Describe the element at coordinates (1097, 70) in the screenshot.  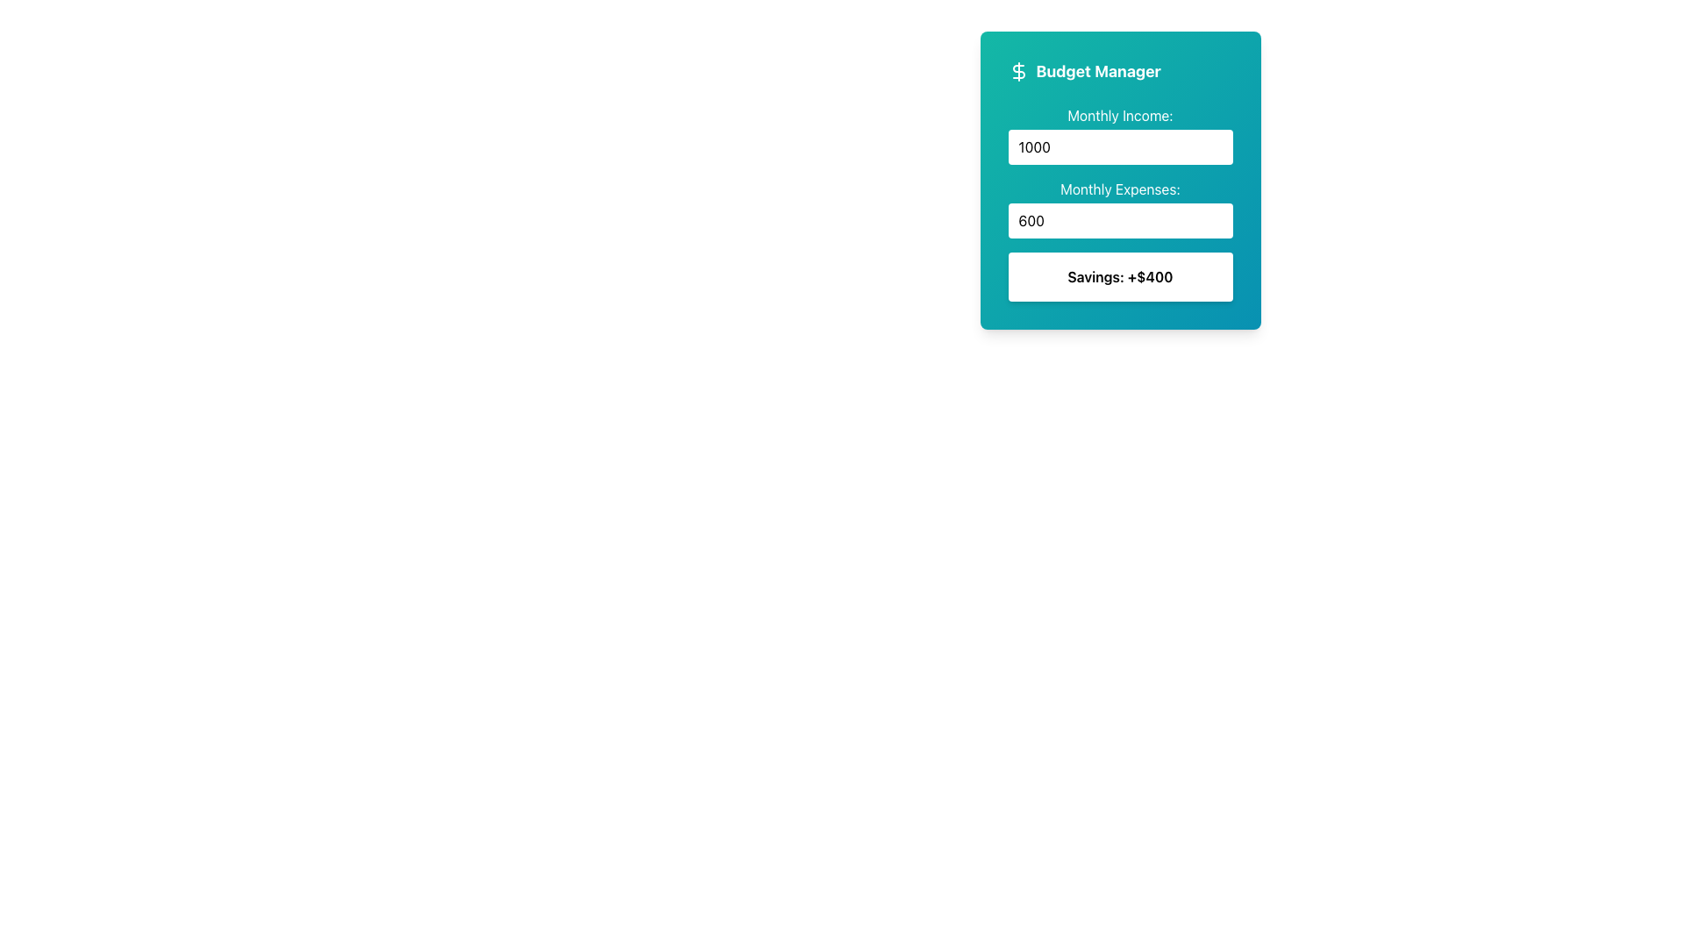
I see `the budget management title text label located at the top of the form layout, aligned to the right of the dollar sign icon` at that location.